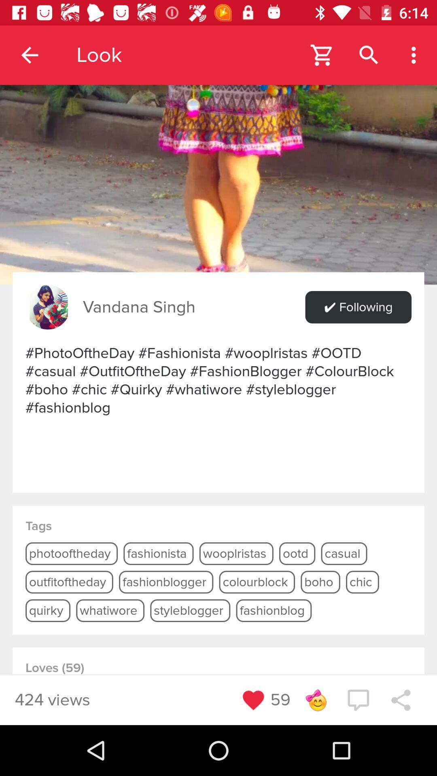 The height and width of the screenshot is (776, 437). Describe the element at coordinates (218, 142) in the screenshot. I see `open profile` at that location.